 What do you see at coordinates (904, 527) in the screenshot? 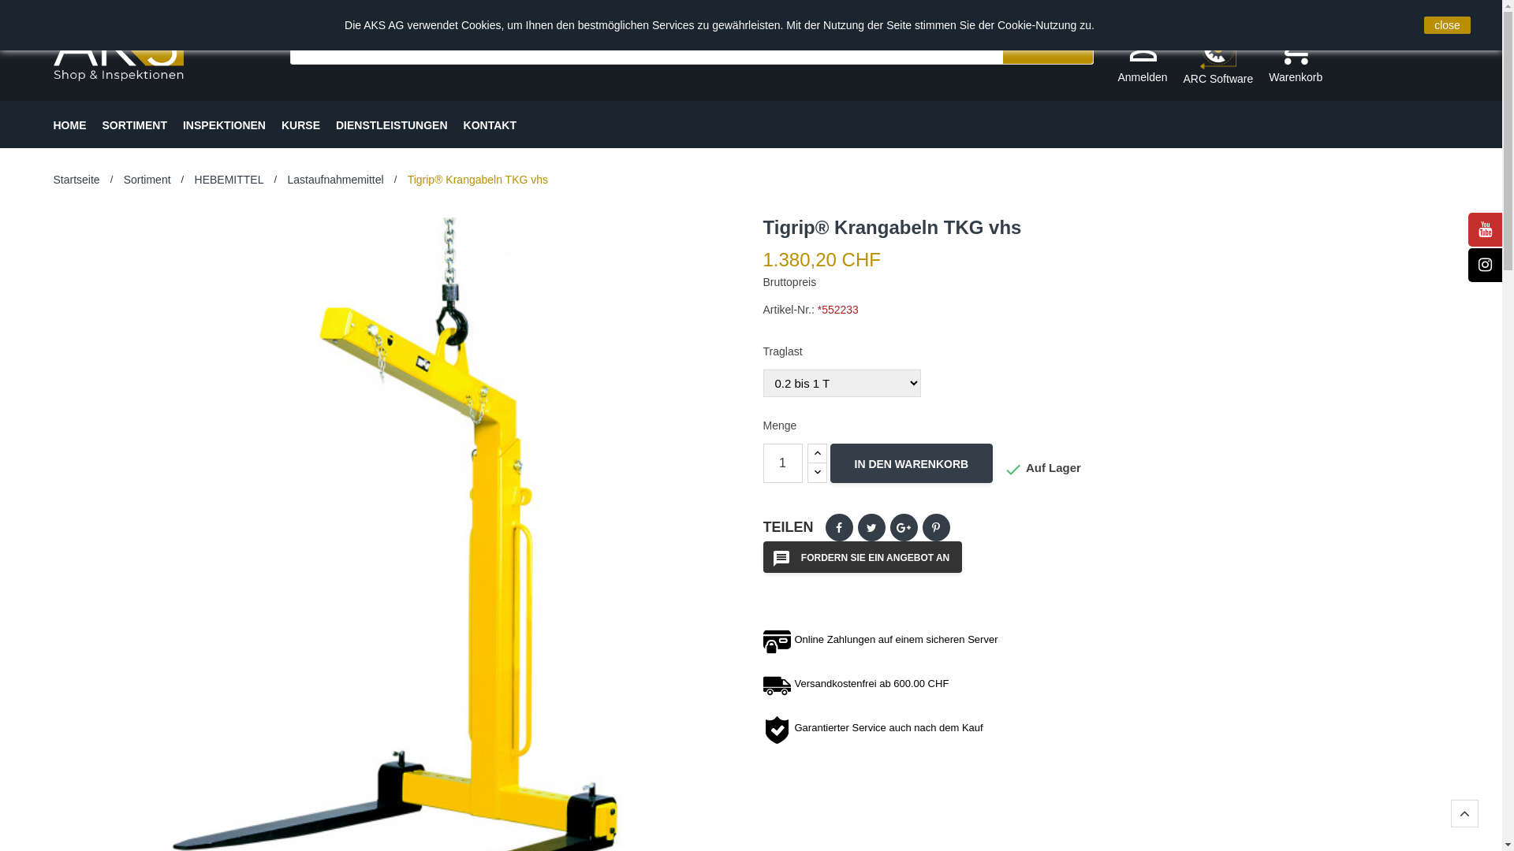
I see `'Google+'` at bounding box center [904, 527].